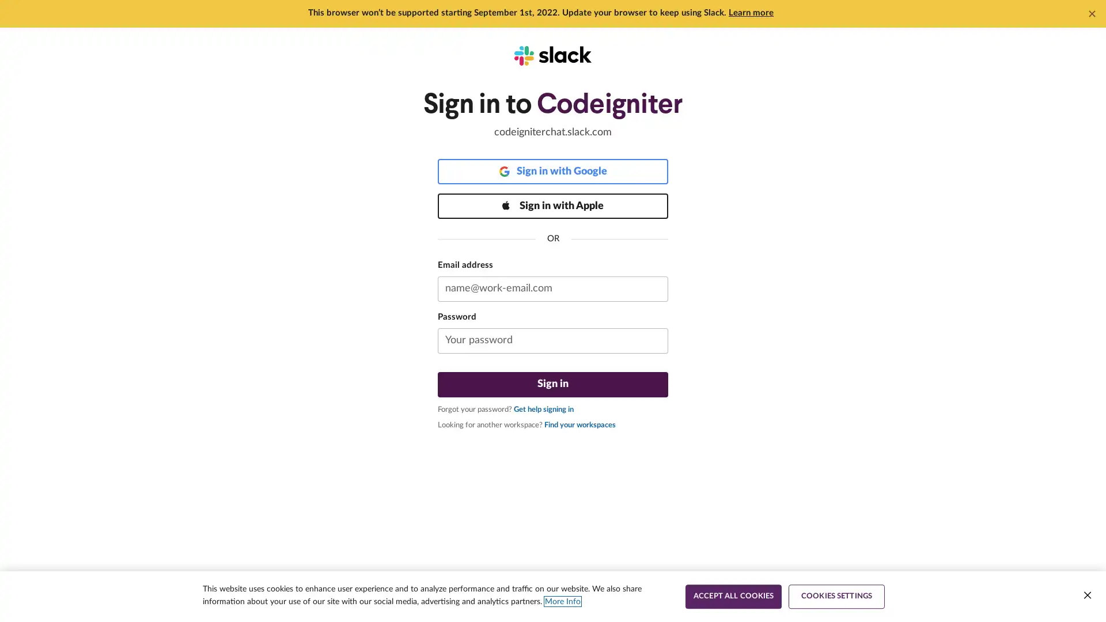 The image size is (1106, 622). What do you see at coordinates (553, 171) in the screenshot?
I see `Sign in with Google` at bounding box center [553, 171].